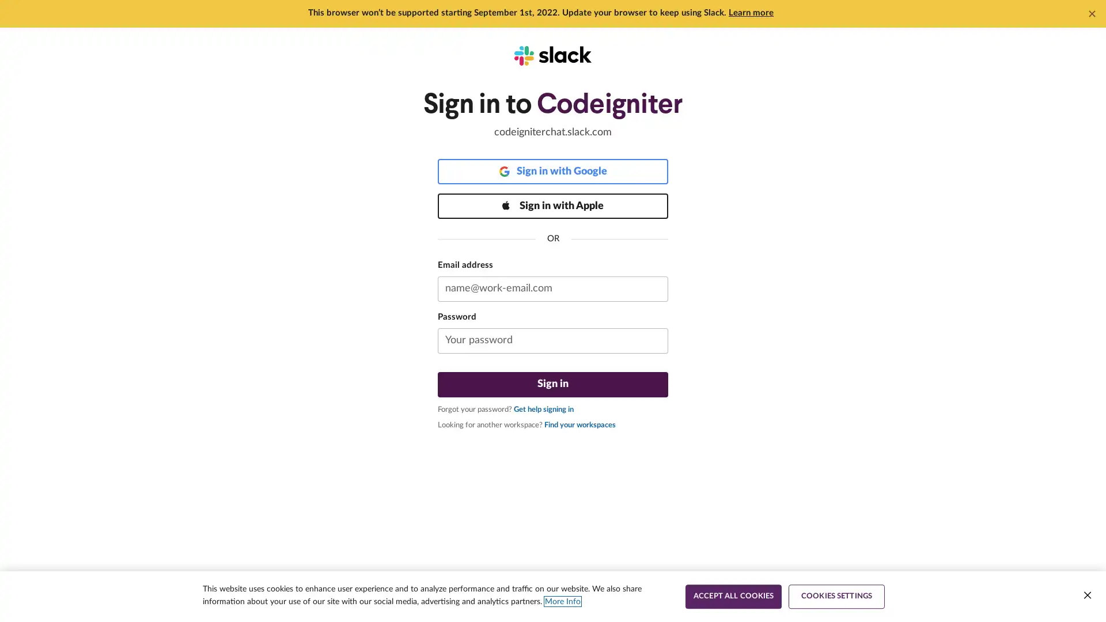 The image size is (1106, 622). What do you see at coordinates (553, 171) in the screenshot?
I see `Sign in with Google` at bounding box center [553, 171].